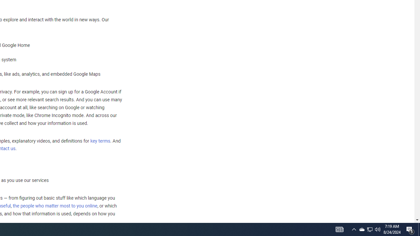 The width and height of the screenshot is (420, 236). I want to click on 'key terms', so click(100, 141).